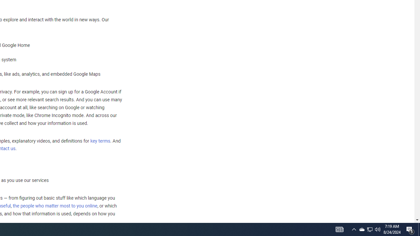 The width and height of the screenshot is (420, 236). I want to click on 'key terms', so click(100, 141).